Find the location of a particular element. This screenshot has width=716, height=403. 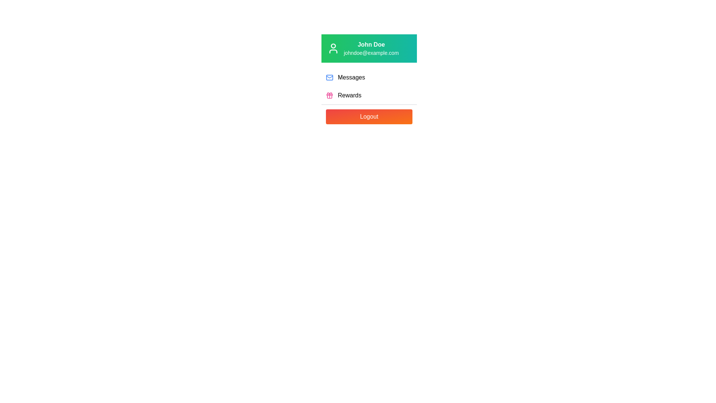

the pink-colored gift icon located within the 'Rewards' option of the vertical menu is located at coordinates (329, 95).